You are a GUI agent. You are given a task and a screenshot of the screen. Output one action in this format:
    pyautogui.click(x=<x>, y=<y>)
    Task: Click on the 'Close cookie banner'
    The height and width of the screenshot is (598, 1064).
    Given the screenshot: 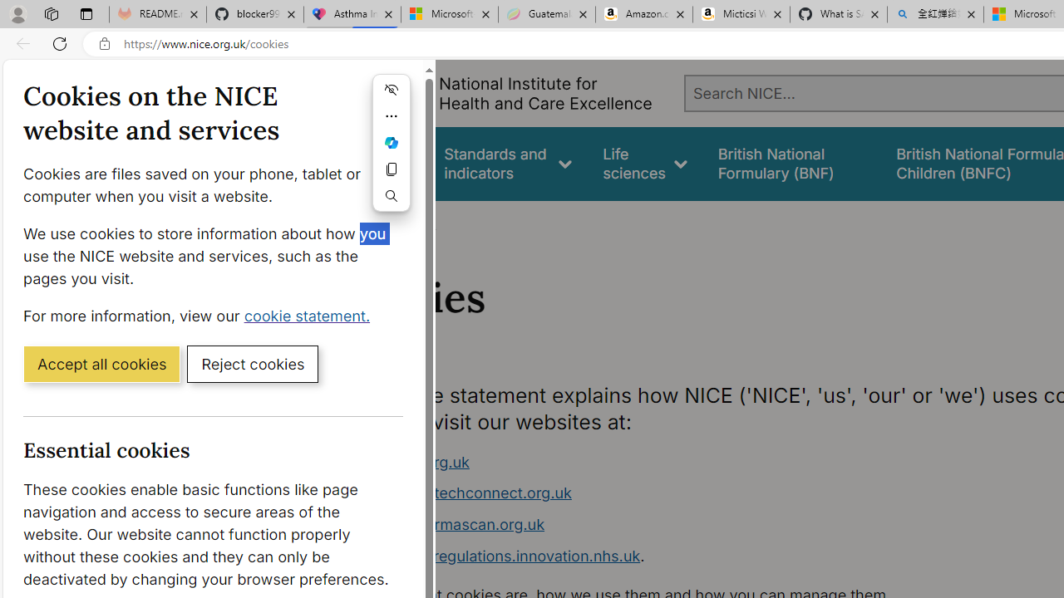 What is the action you would take?
    pyautogui.click(x=399, y=83)
    